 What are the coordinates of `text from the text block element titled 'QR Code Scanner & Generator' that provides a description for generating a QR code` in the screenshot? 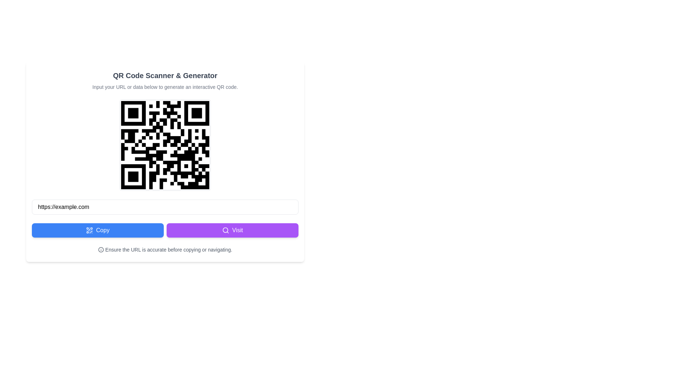 It's located at (164, 80).